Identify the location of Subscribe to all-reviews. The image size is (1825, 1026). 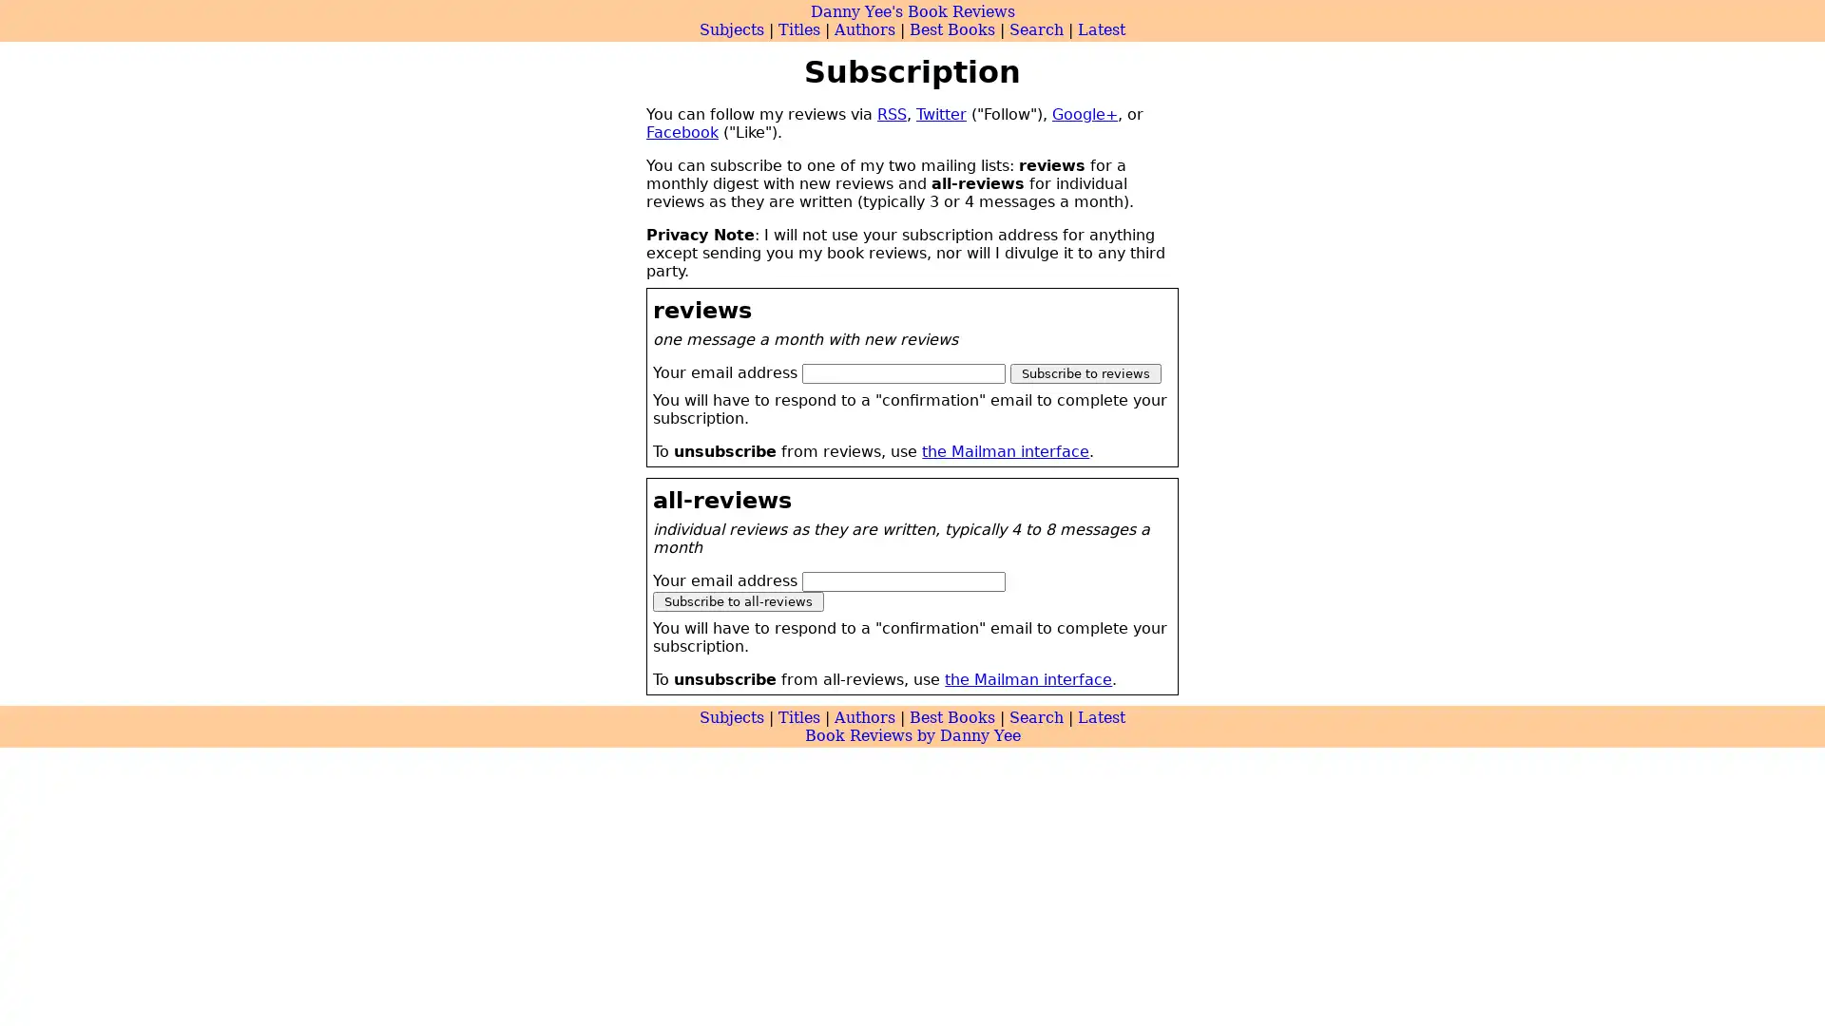
(738, 600).